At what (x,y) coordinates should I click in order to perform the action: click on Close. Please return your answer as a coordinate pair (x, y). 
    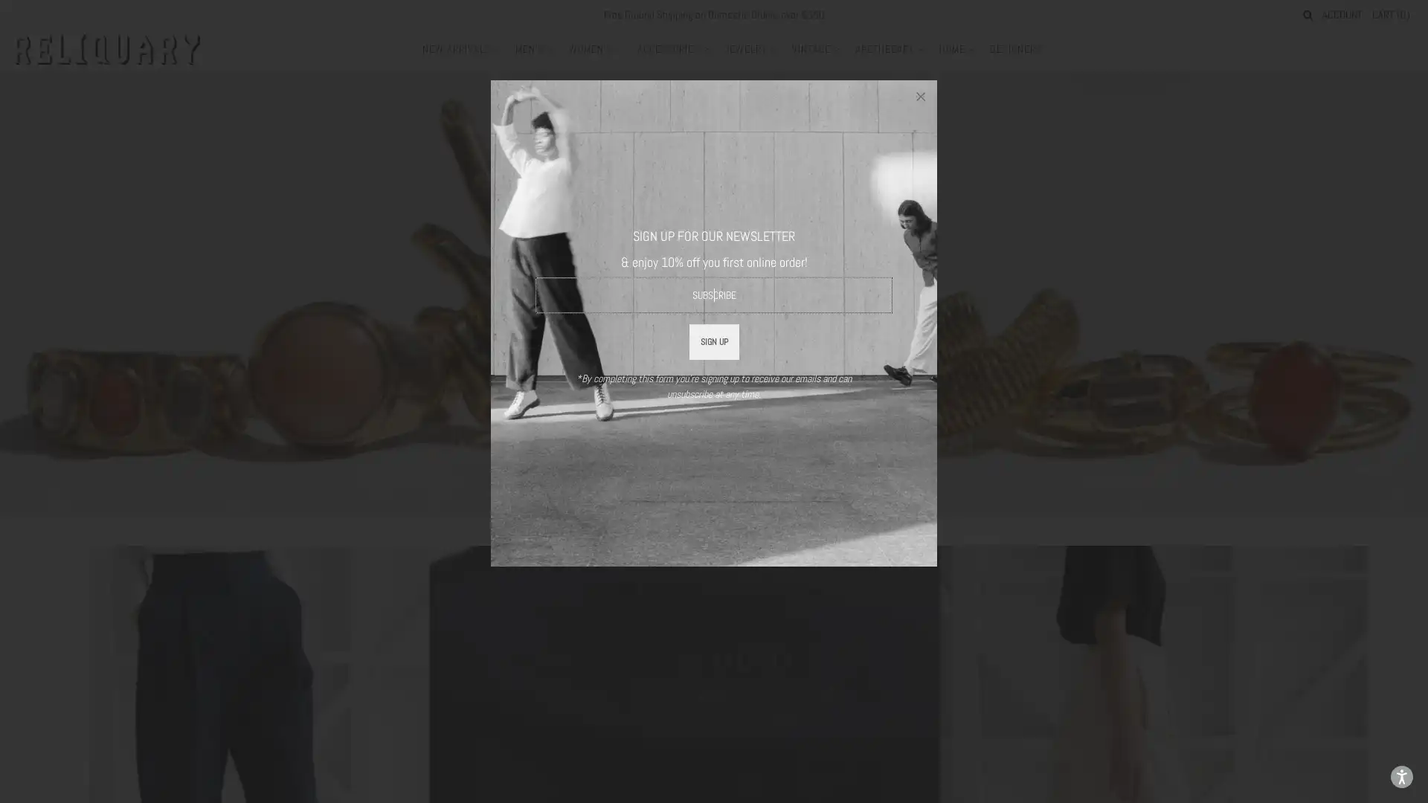
    Looking at the image, I should click on (920, 97).